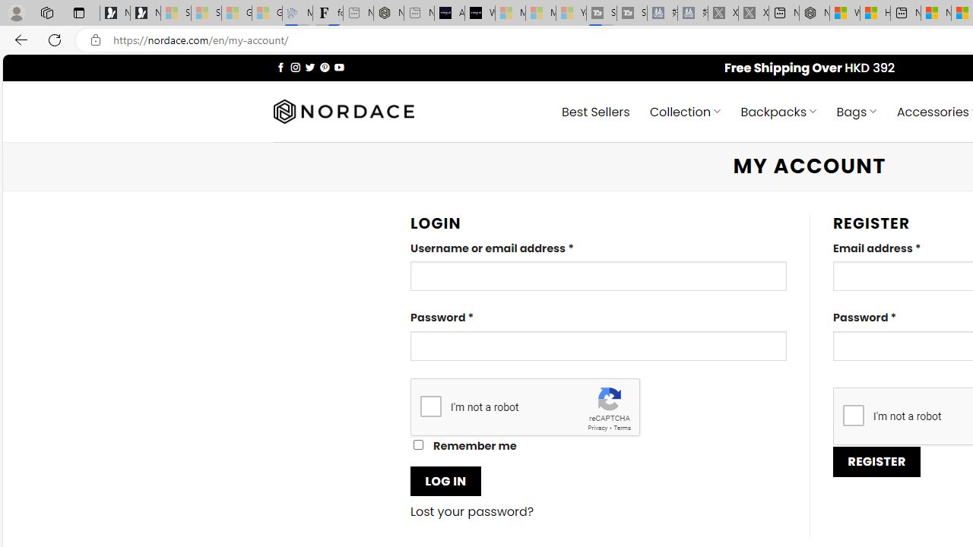 The height and width of the screenshot is (547, 973). I want to click on 'Huge shark washes ashore at New York City beach | Watch', so click(875, 13).